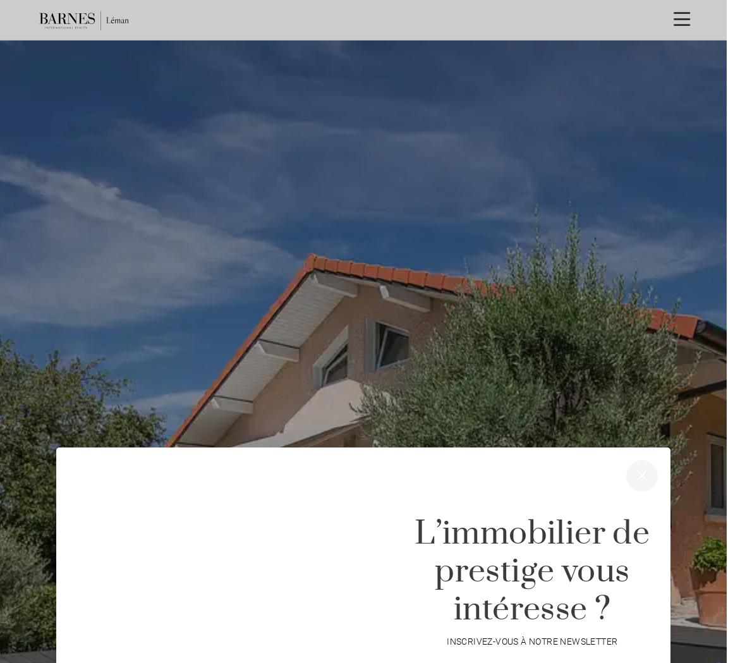 Image resolution: width=752 pixels, height=663 pixels. Describe the element at coordinates (542, 558) in the screenshot. I see `'Surface'` at that location.